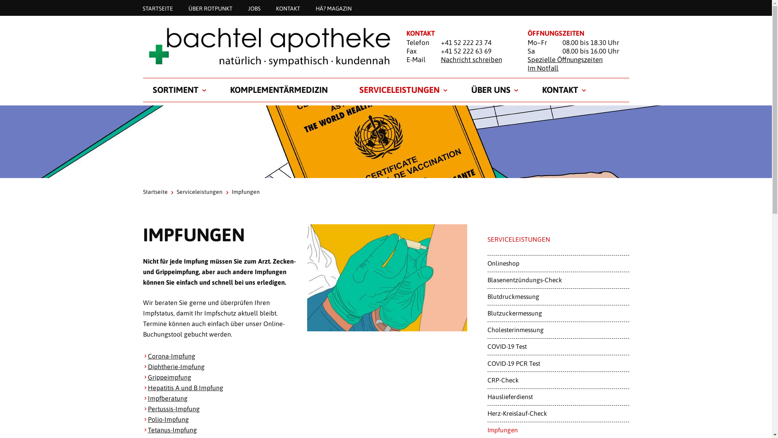 Image resolution: width=778 pixels, height=438 pixels. I want to click on 'COVID-19 PCR Test', so click(558, 363).